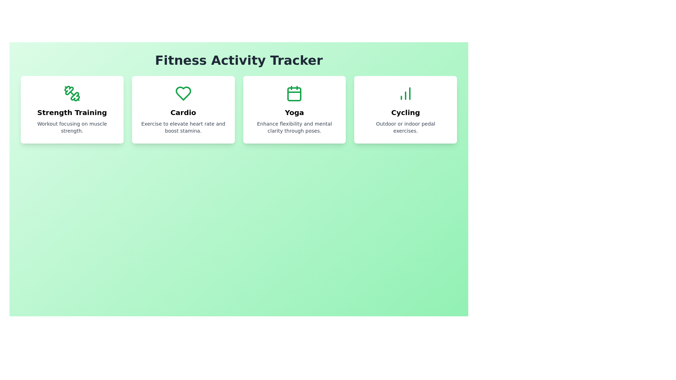 The height and width of the screenshot is (380, 676). I want to click on the calendar icon located at the top of the 'Yoga' card, which is the third card from the left, for information about scheduling or planning yoga activities, so click(294, 93).